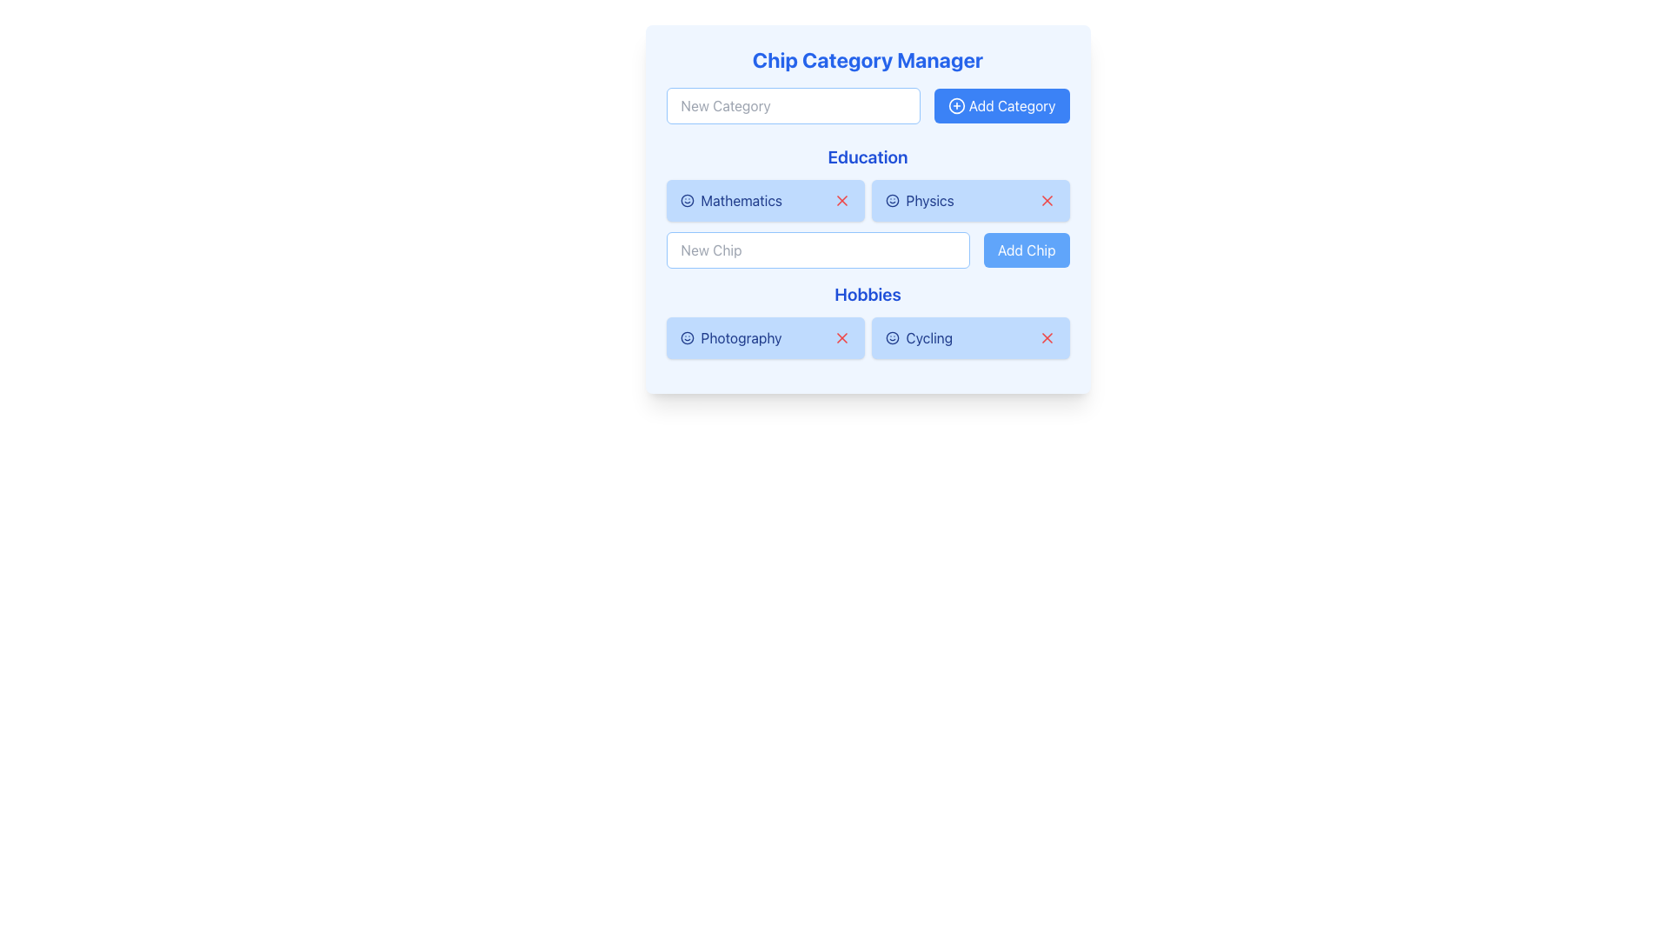  Describe the element at coordinates (765, 200) in the screenshot. I see `to select the button-like chip component labeled 'Mathematics' with a light blue background and dark blue text` at that location.